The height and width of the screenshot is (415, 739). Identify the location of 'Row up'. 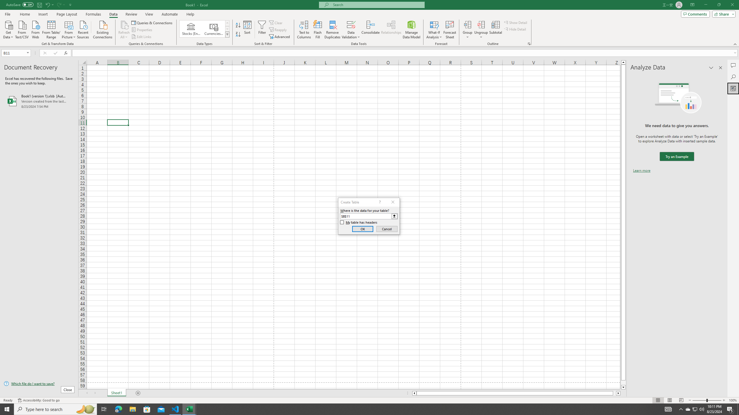
(227, 23).